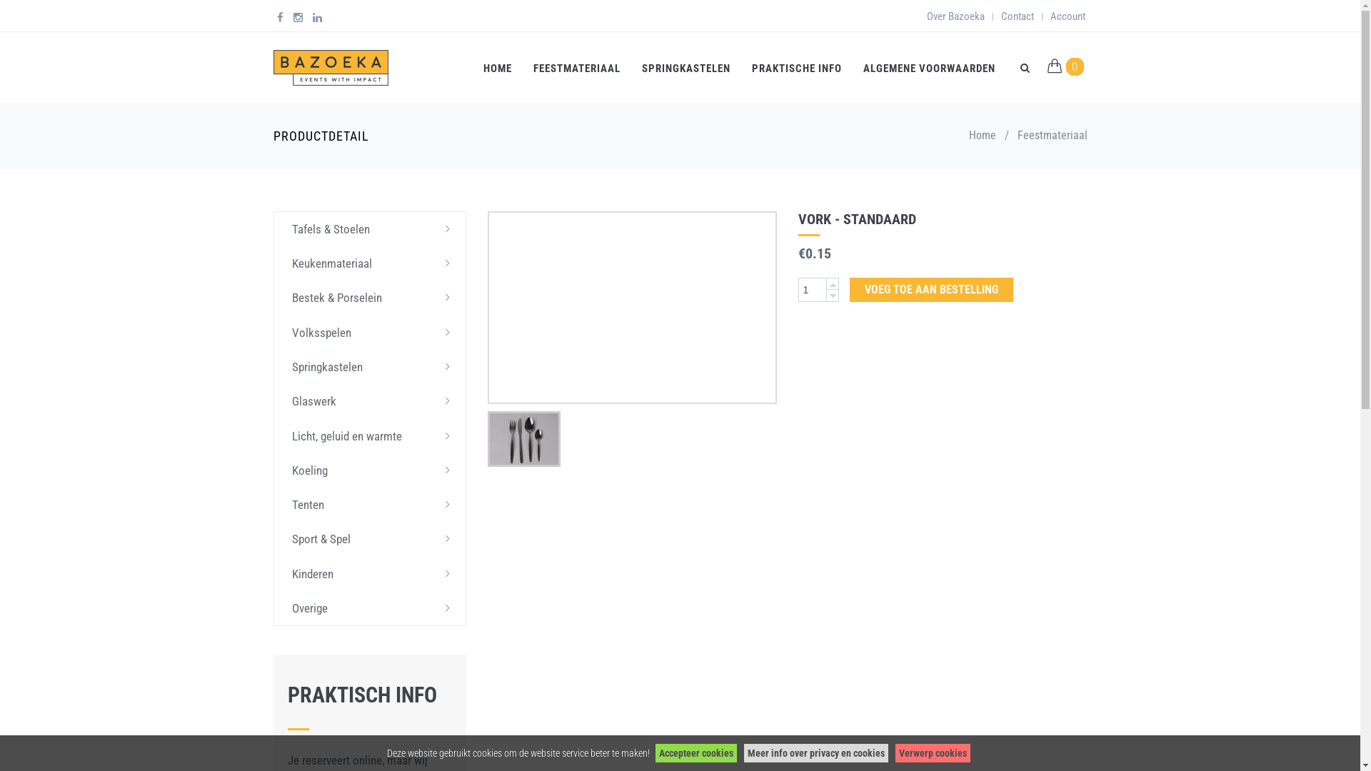 This screenshot has height=771, width=1371. I want to click on 'Kinderen', so click(370, 573).